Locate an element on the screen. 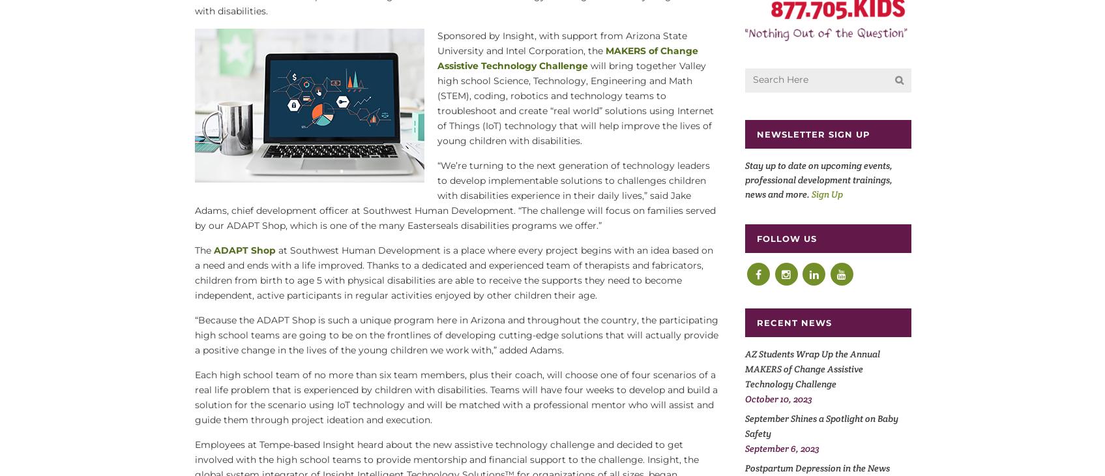 This screenshot has width=1105, height=476. 'at Southwest Human Development is a place where every project begins with an idea based on a need and ends with a life improved. Thanks to a dedicated and experienced team of therapists and fabricators, children from birth to age 5 with physical disabilities are able to receive the supports they need to become independent, active participants in regular activities enjoyed by other children their age.' is located at coordinates (453, 272).